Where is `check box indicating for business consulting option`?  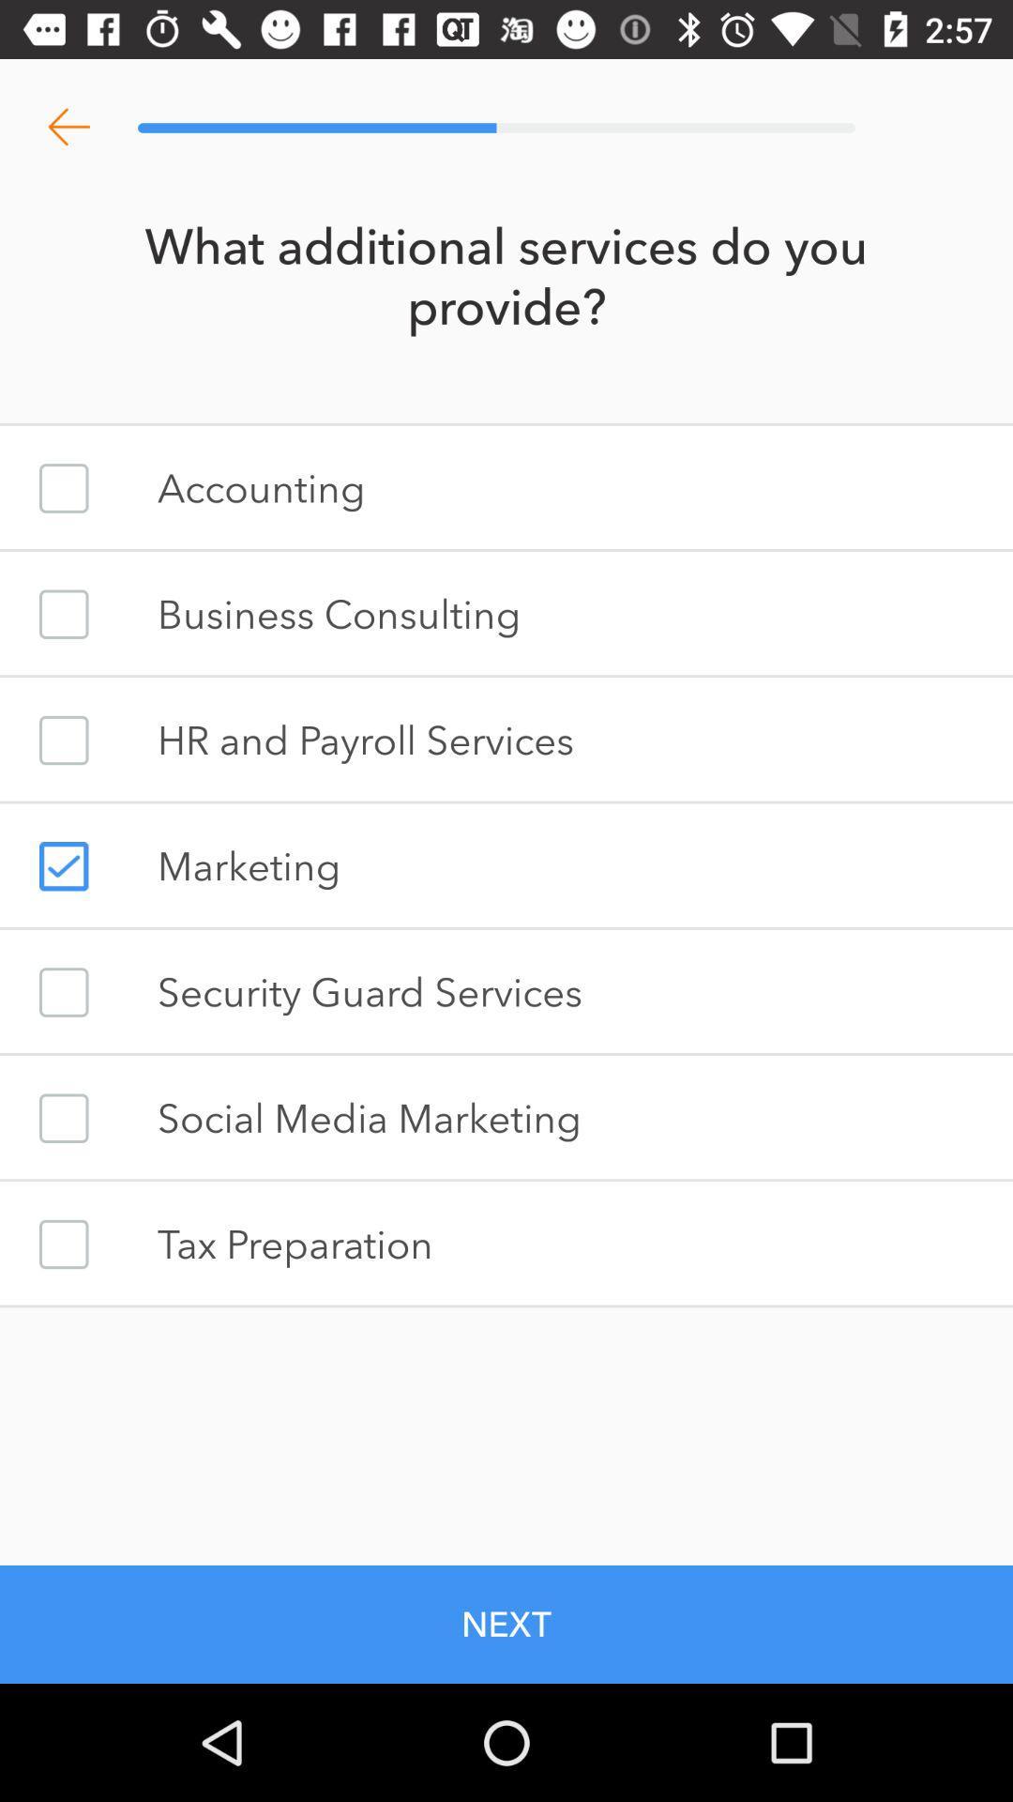 check box indicating for business consulting option is located at coordinates (63, 614).